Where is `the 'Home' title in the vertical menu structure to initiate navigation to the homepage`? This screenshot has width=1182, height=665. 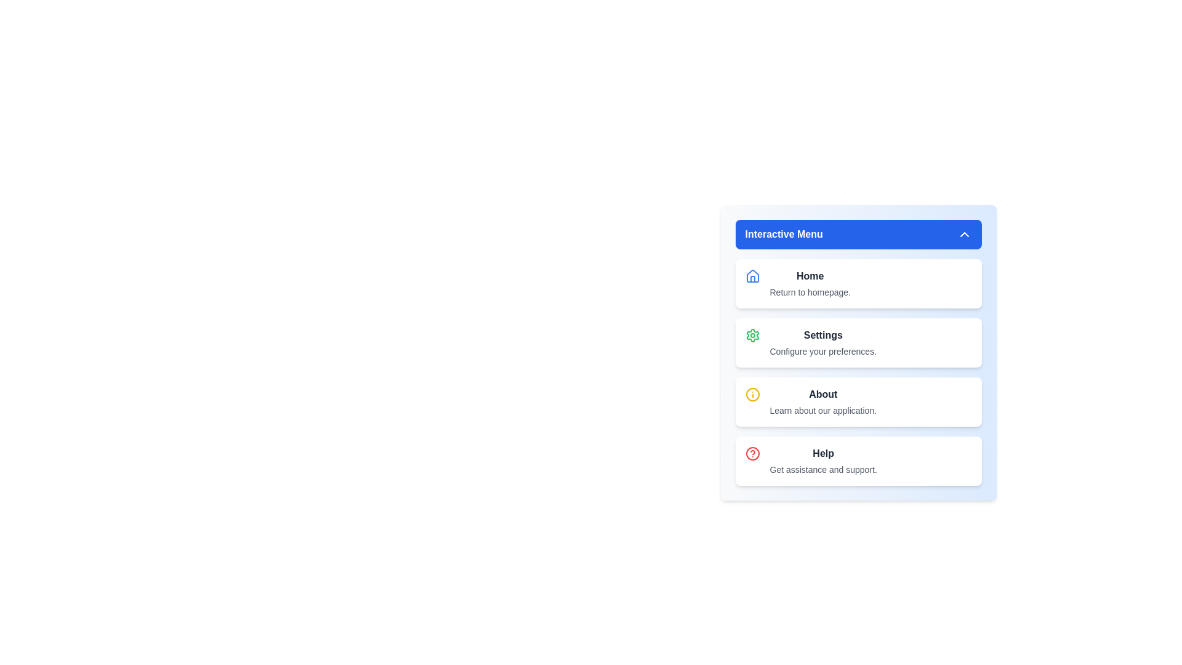
the 'Home' title in the vertical menu structure to initiate navigation to the homepage is located at coordinates (810, 284).